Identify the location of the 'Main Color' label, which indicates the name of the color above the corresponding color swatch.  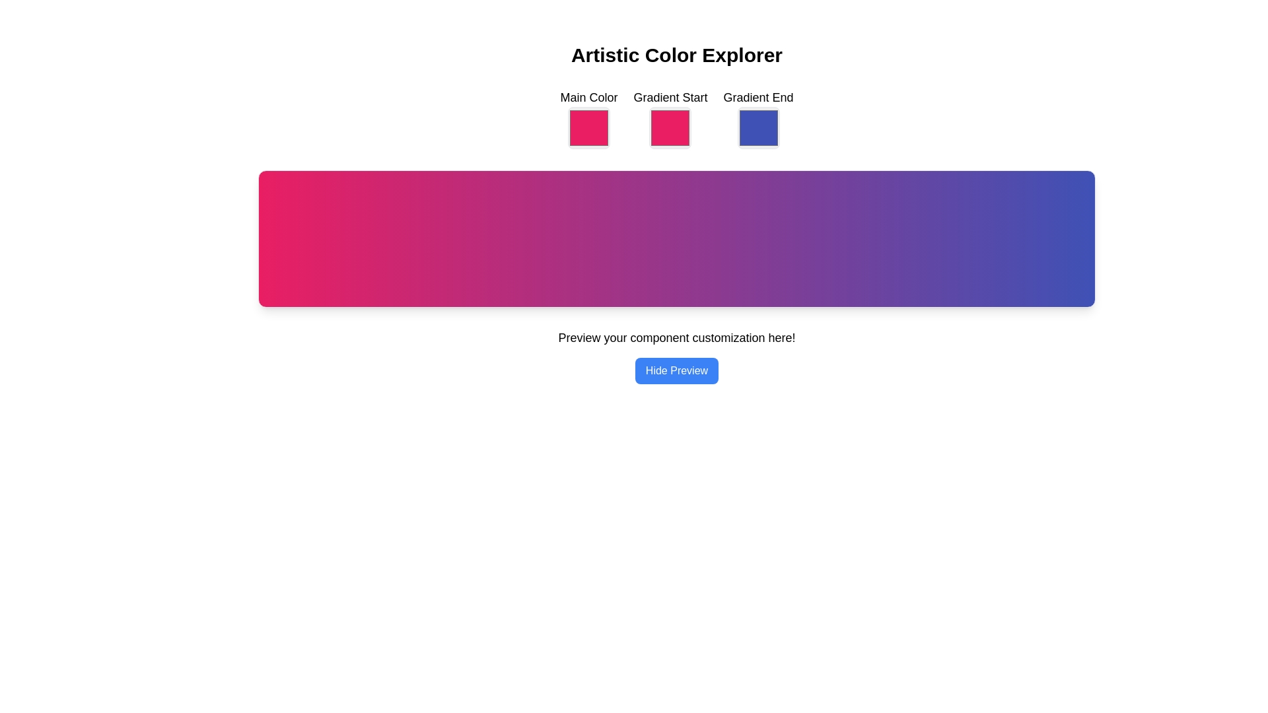
(588, 96).